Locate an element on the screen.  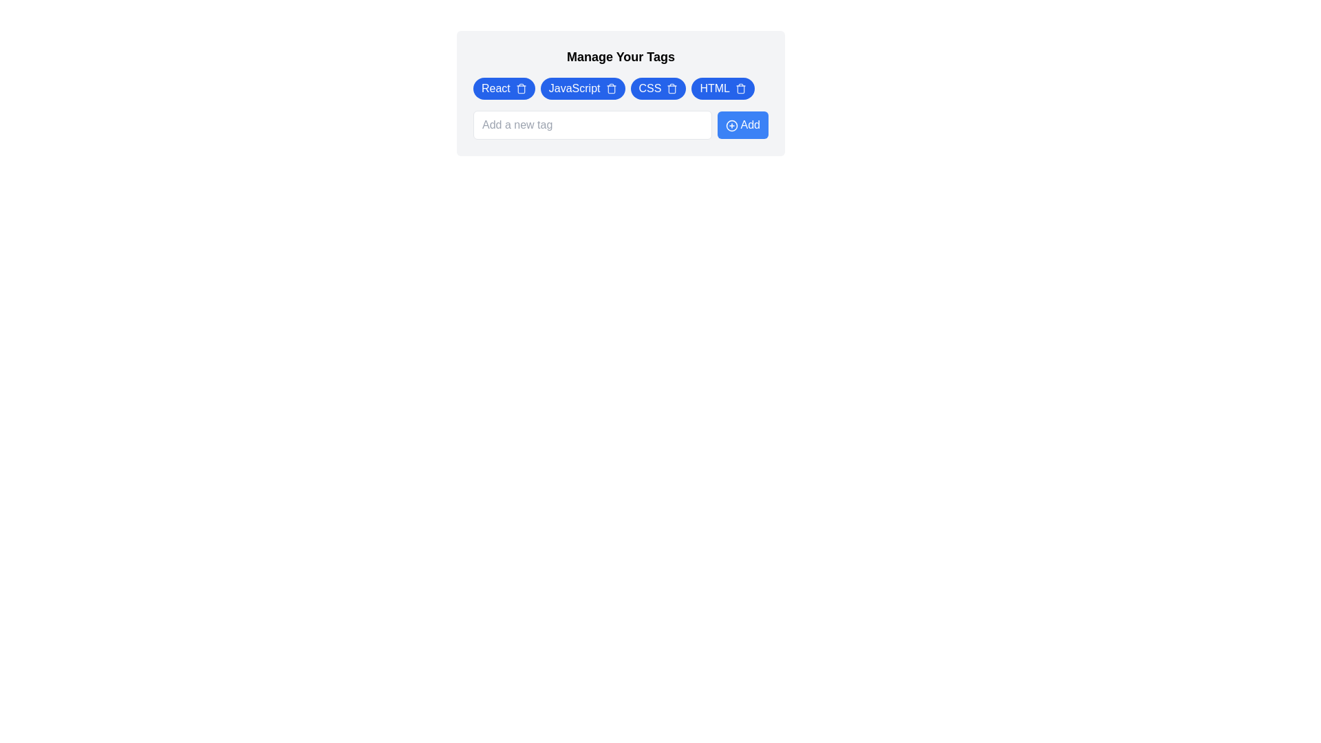
the circular component of the icon located within the 'Manage Your Tags' interface, positioned to the right of the 'Add' button is located at coordinates (731, 125).